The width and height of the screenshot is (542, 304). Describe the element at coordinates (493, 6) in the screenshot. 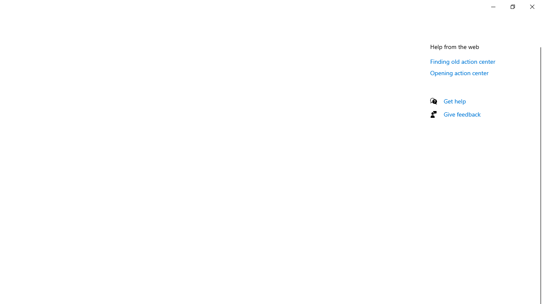

I see `'Minimize Settings'` at that location.